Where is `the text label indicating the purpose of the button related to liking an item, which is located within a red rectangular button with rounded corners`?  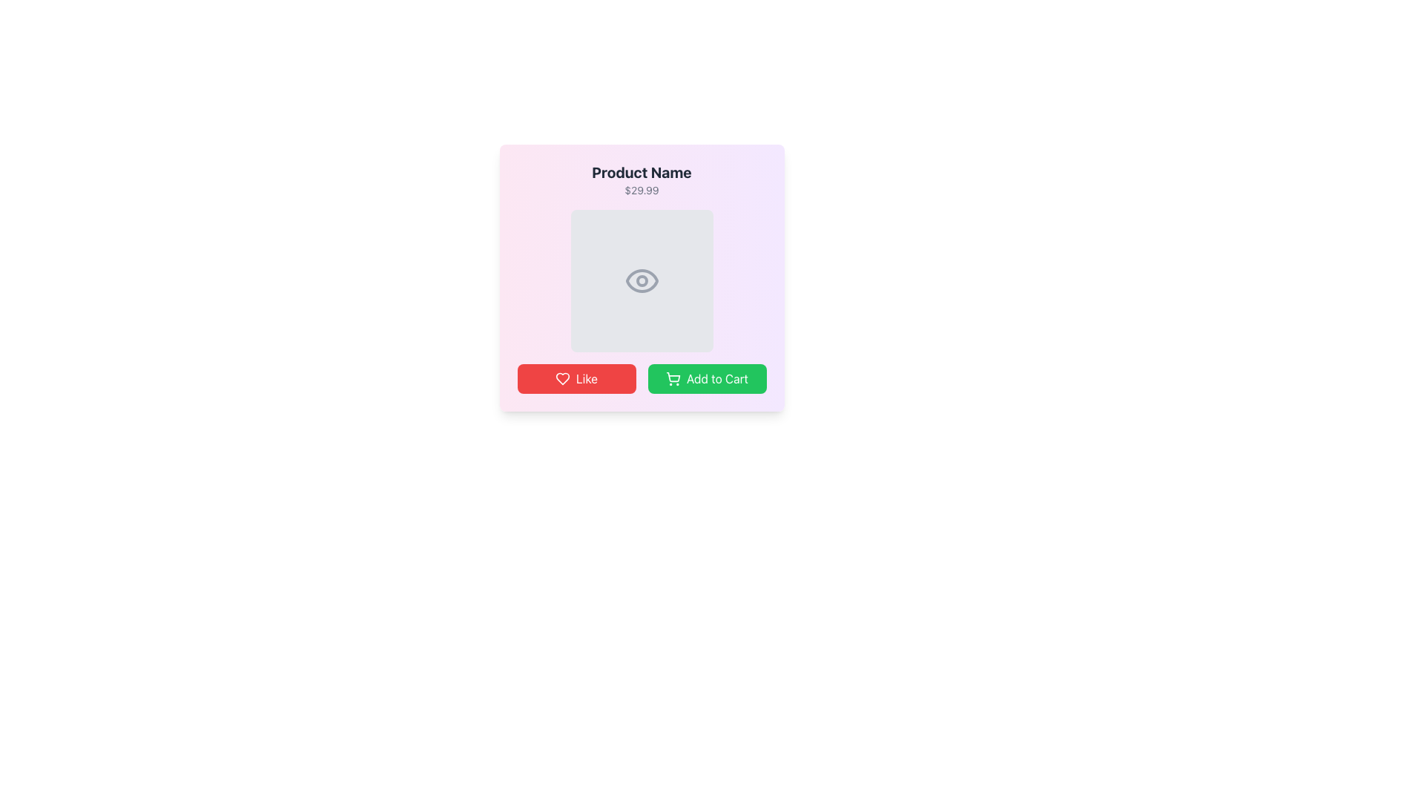
the text label indicating the purpose of the button related to liking an item, which is located within a red rectangular button with rounded corners is located at coordinates (586, 378).